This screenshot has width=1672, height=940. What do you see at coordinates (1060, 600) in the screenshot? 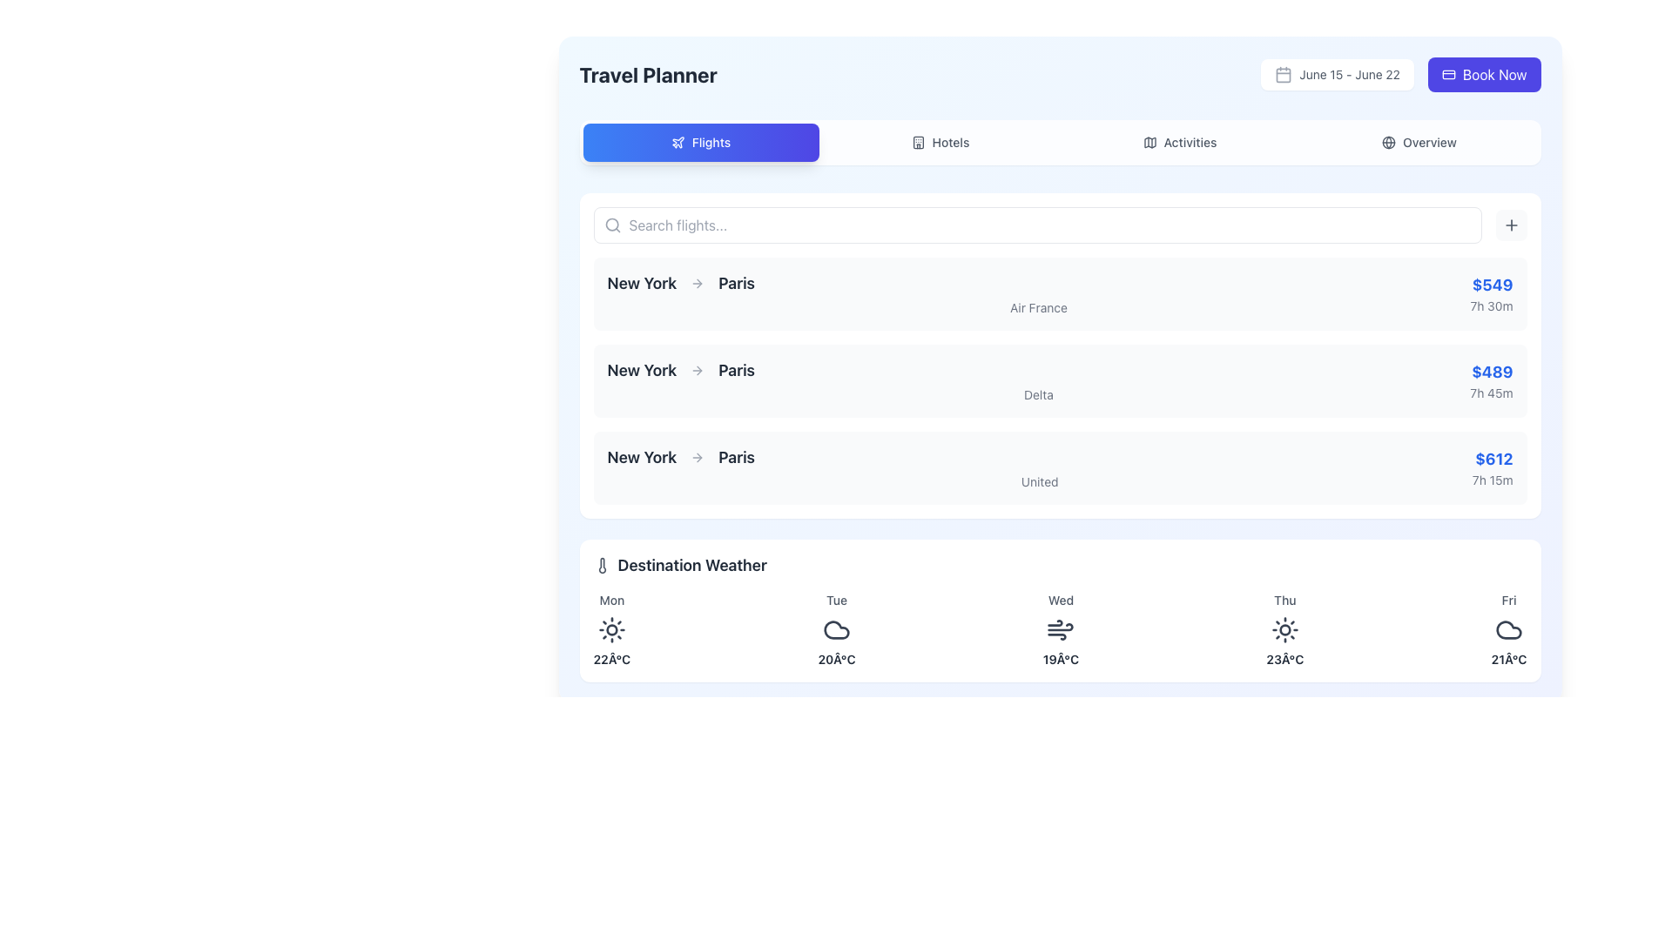
I see `the text label displaying 'Wed', located in the center column of the weekly weather forecast section beneath the title 'Destination Weather'` at bounding box center [1060, 600].